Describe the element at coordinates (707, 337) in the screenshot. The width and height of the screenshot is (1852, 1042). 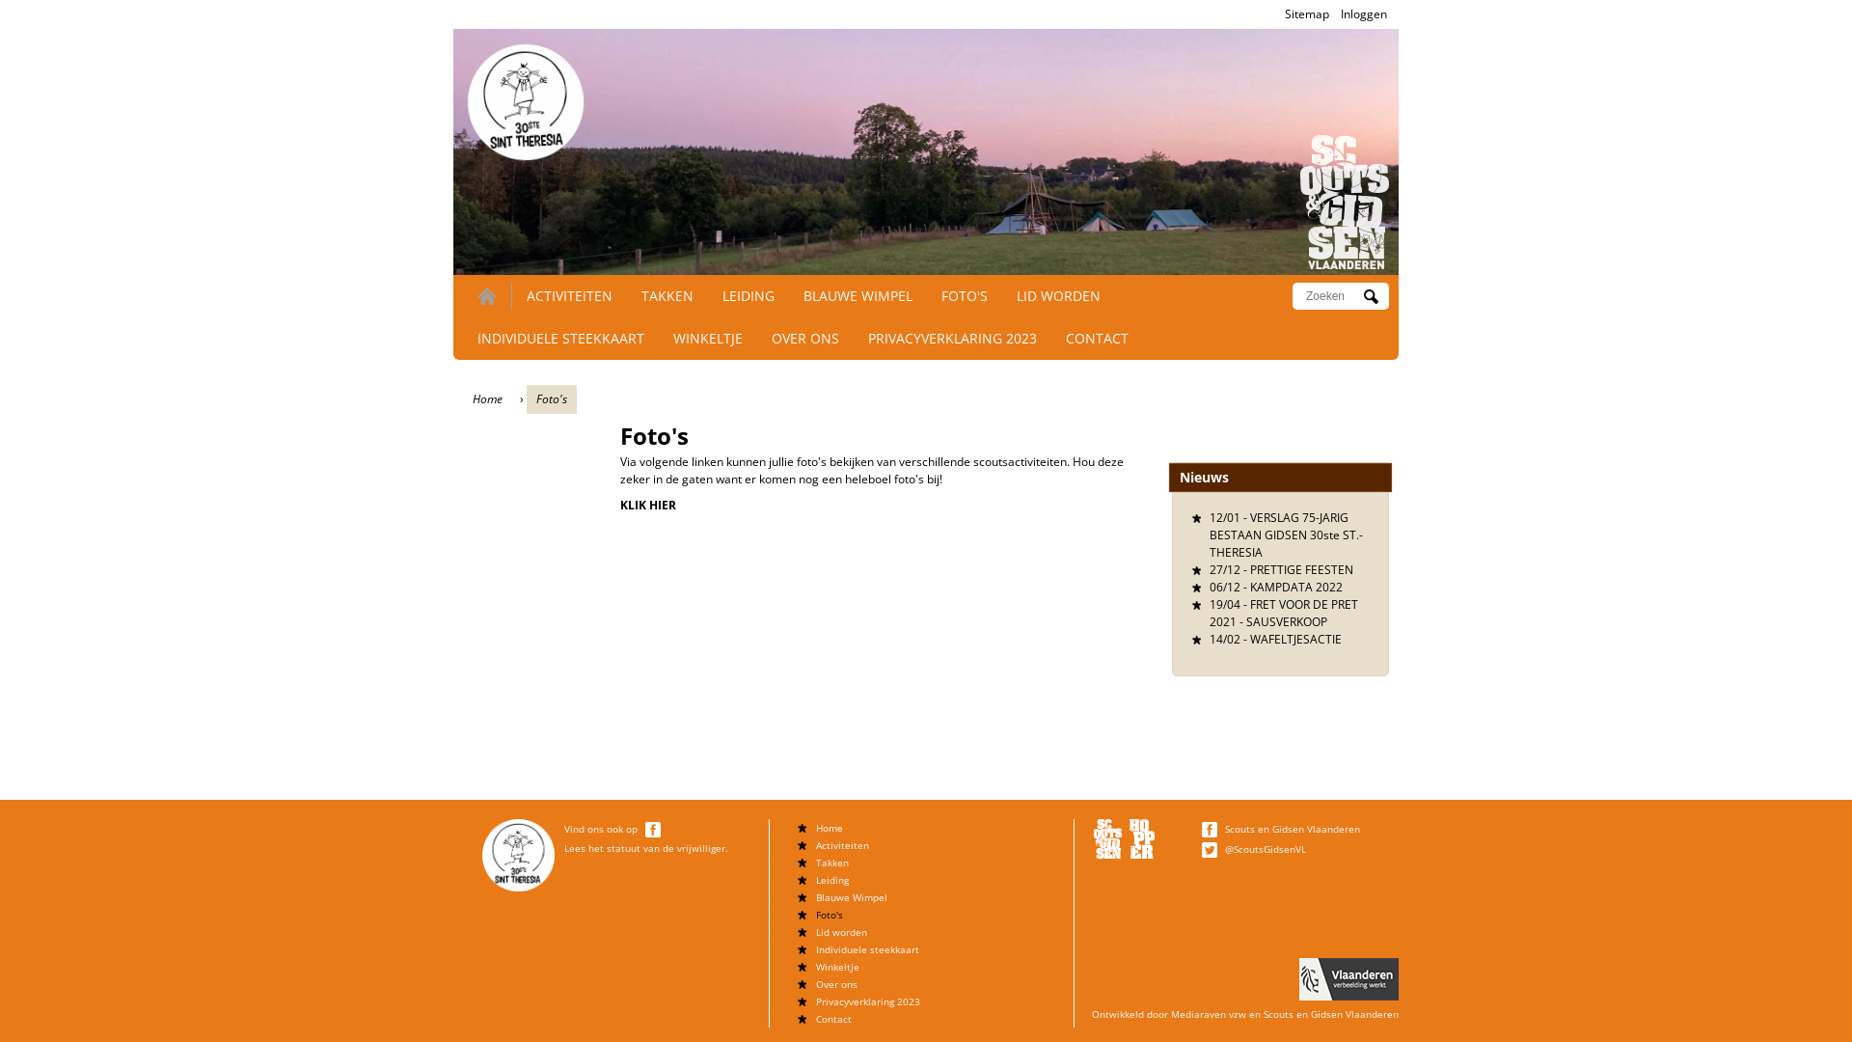
I see `'WINKELTJE'` at that location.